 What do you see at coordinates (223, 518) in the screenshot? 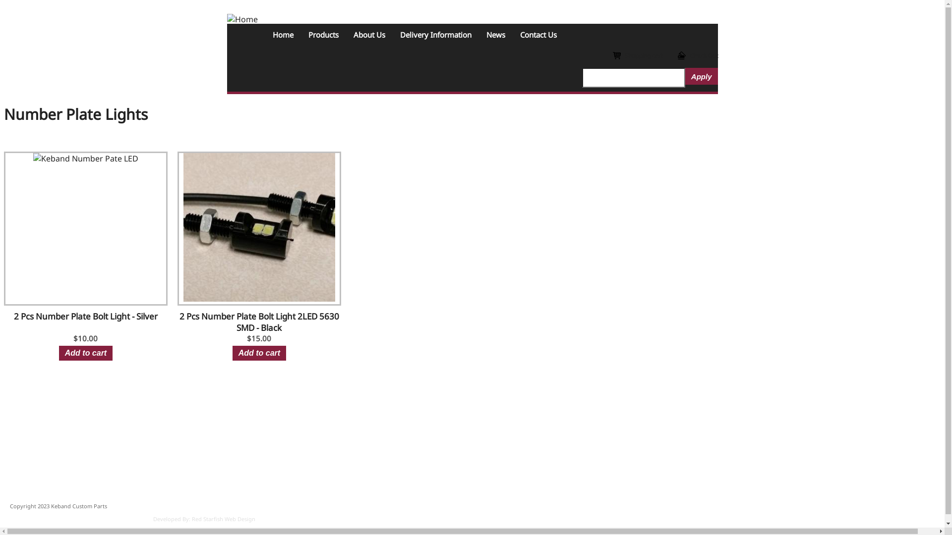
I see `'Red Starfish Web Design'` at bounding box center [223, 518].